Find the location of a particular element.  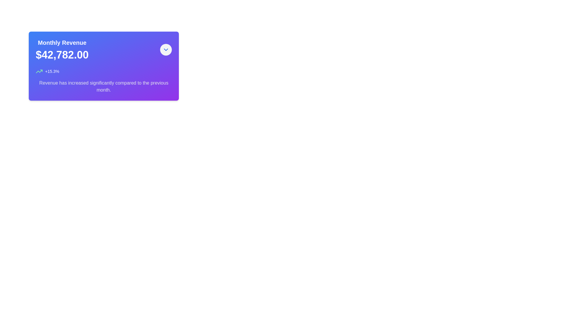

the percentage indicator text located in the lower left region of the card, to the right of the upward trend icon is located at coordinates (52, 71).